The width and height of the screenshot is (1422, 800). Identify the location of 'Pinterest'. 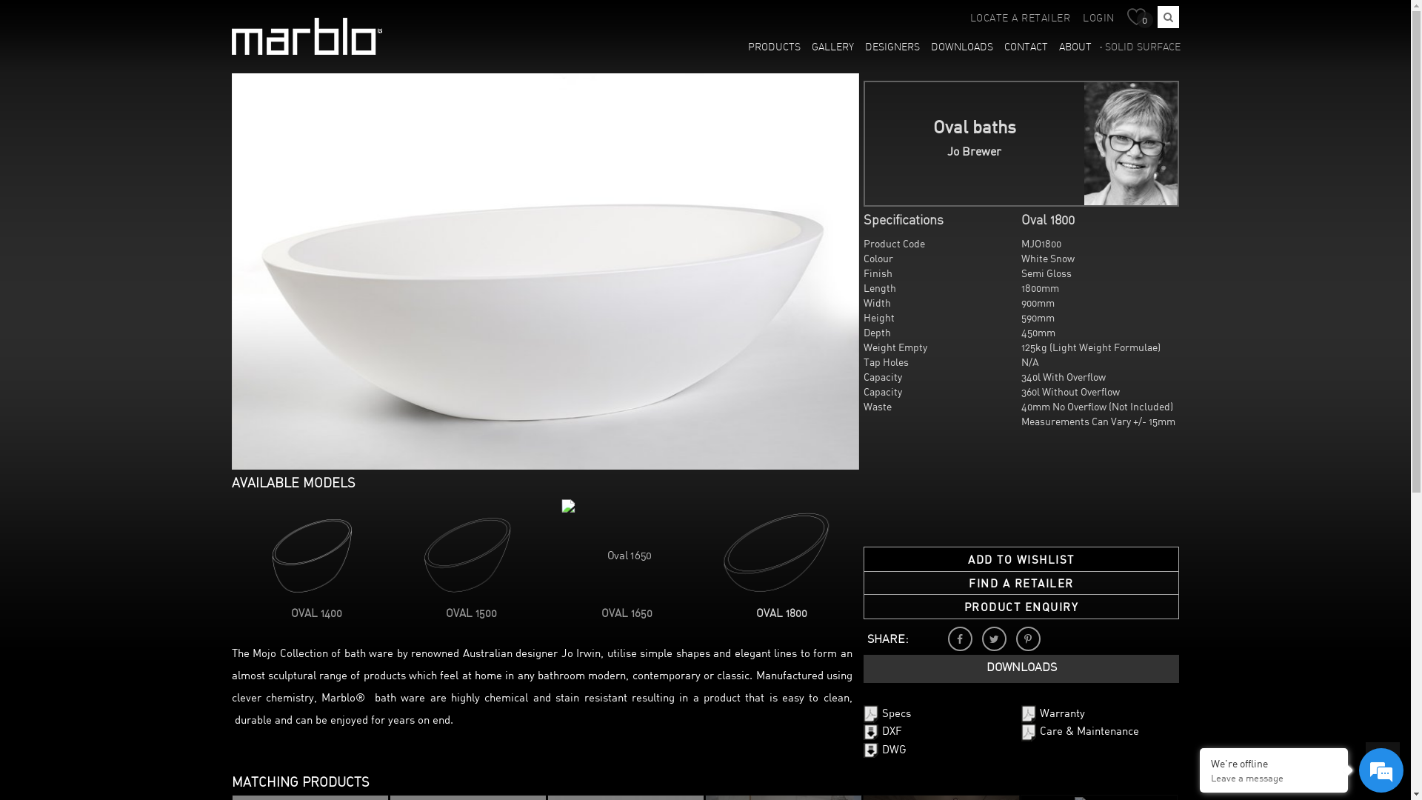
(1027, 638).